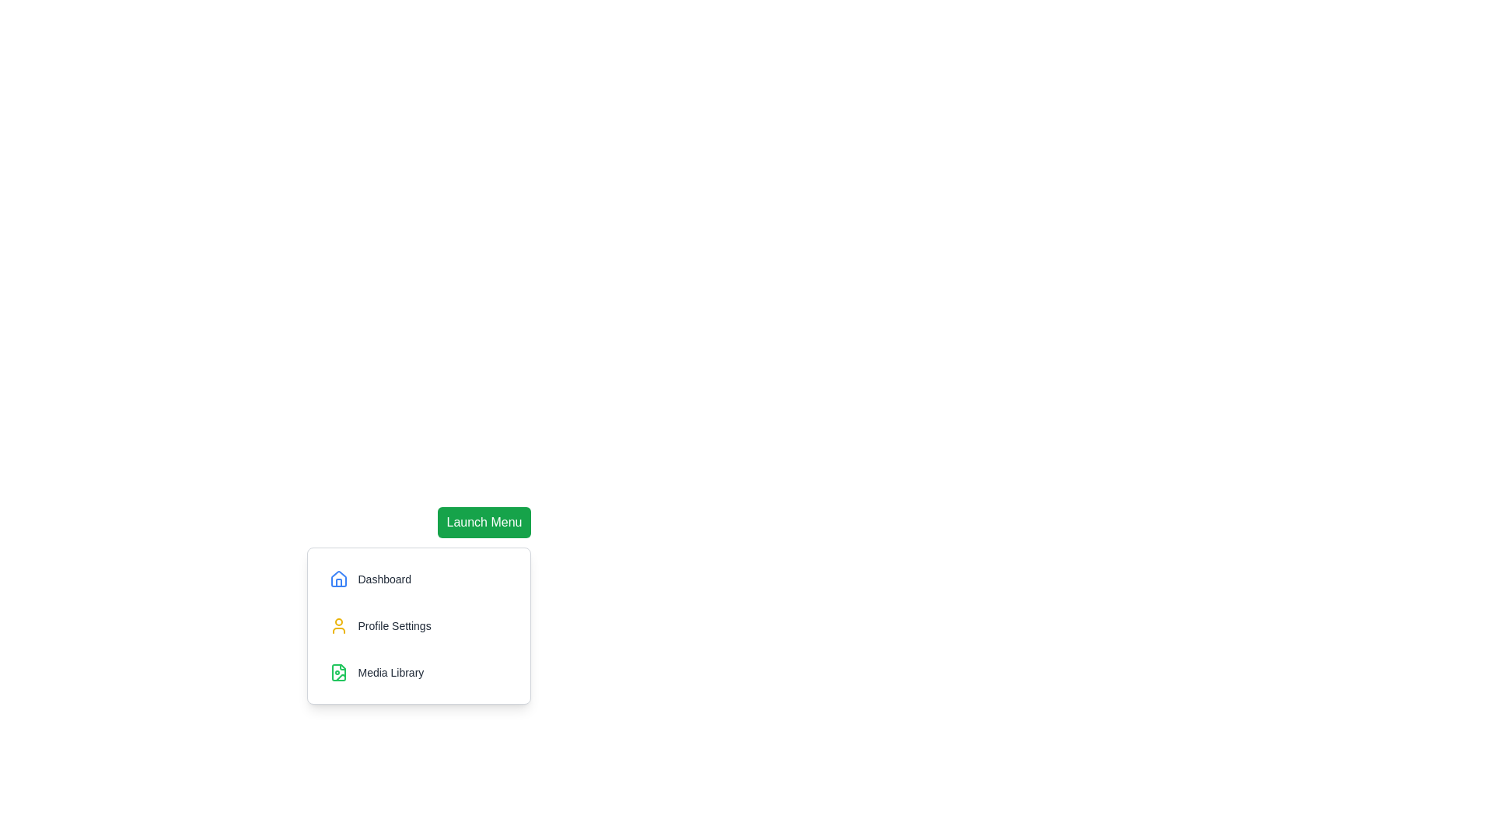 This screenshot has height=840, width=1493. I want to click on the 'Media Library' button, which is a green icon with an image and black text, located as the third option in the vertical menu below 'Dashboard' and 'Profile Settings', so click(419, 671).